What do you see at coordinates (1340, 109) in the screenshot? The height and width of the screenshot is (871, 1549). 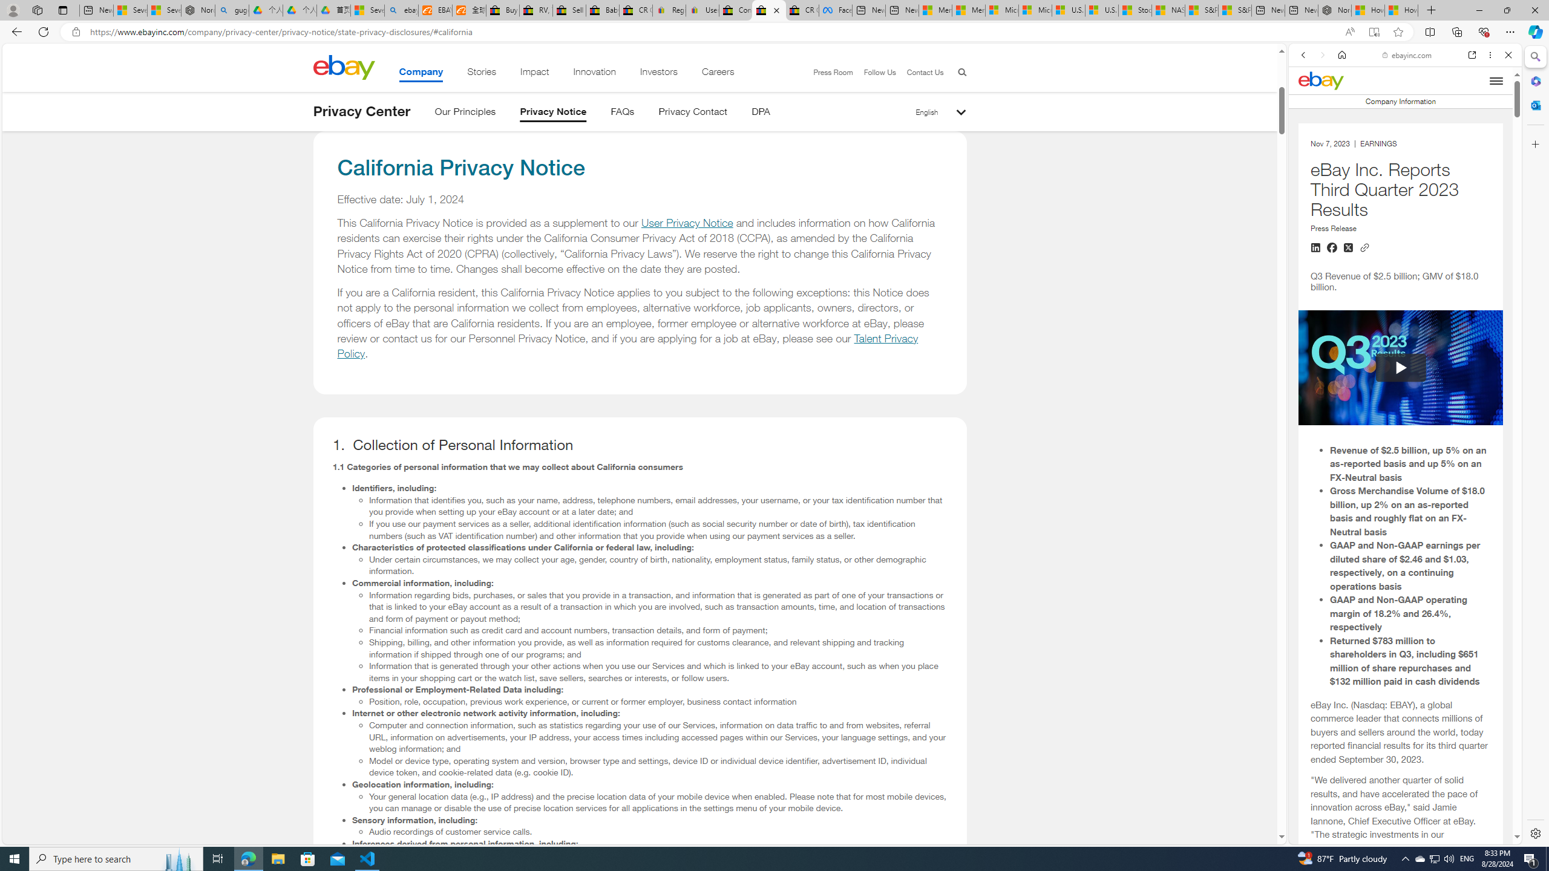 I see `'This site scope'` at bounding box center [1340, 109].